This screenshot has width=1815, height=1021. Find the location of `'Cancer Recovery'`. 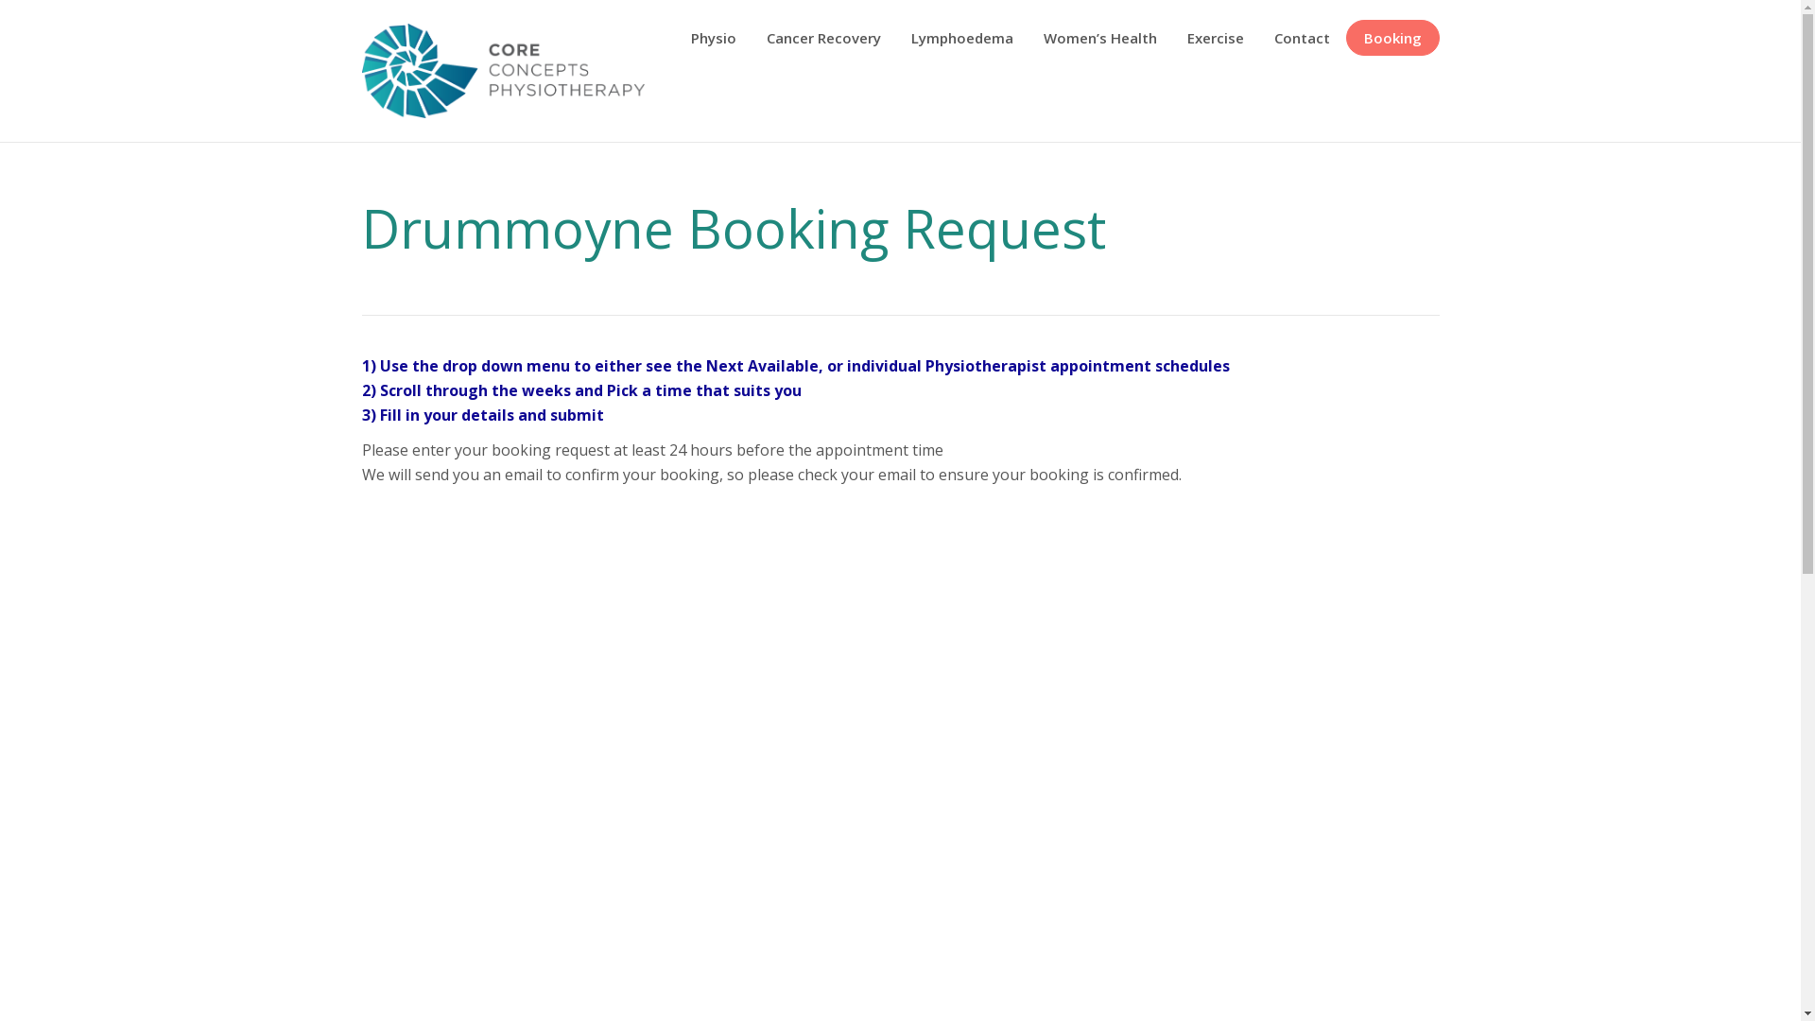

'Cancer Recovery' is located at coordinates (766, 37).